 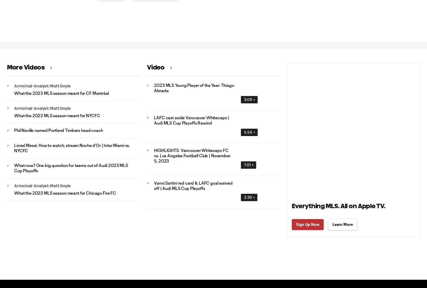 What do you see at coordinates (64, 193) in the screenshot?
I see `'What the 2023 MLS season meant for Chicago Fire FC'` at bounding box center [64, 193].